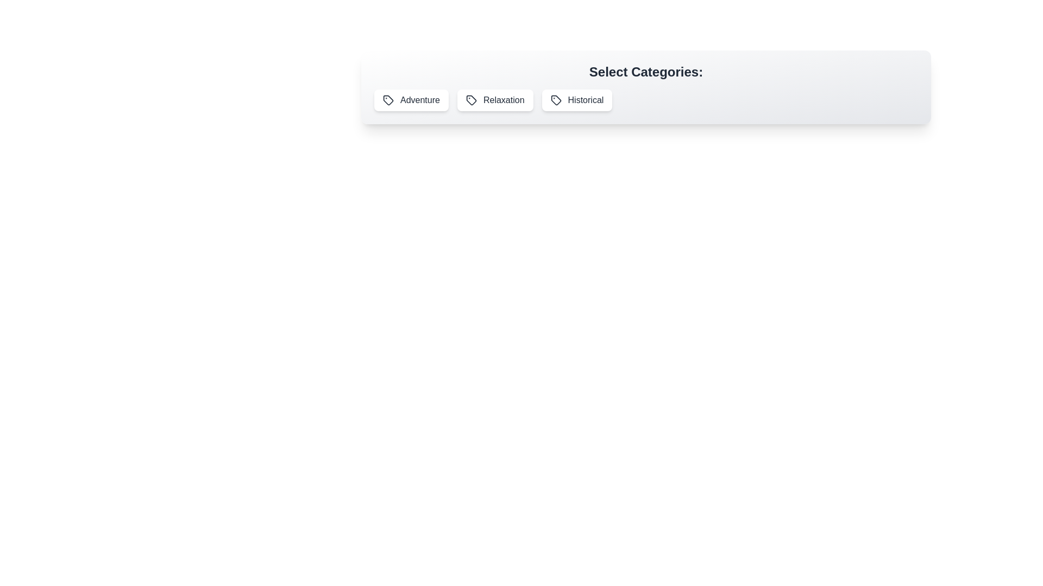 This screenshot has height=586, width=1043. What do you see at coordinates (411, 100) in the screenshot?
I see `the tag labeled Adventure` at bounding box center [411, 100].